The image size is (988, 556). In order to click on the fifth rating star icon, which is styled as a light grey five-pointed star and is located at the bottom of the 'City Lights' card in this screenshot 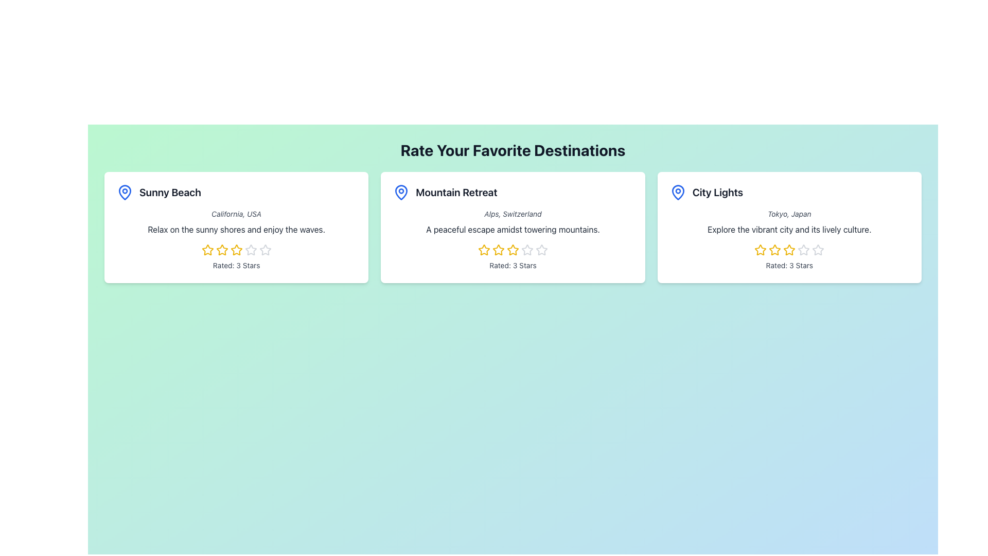, I will do `click(818, 250)`.